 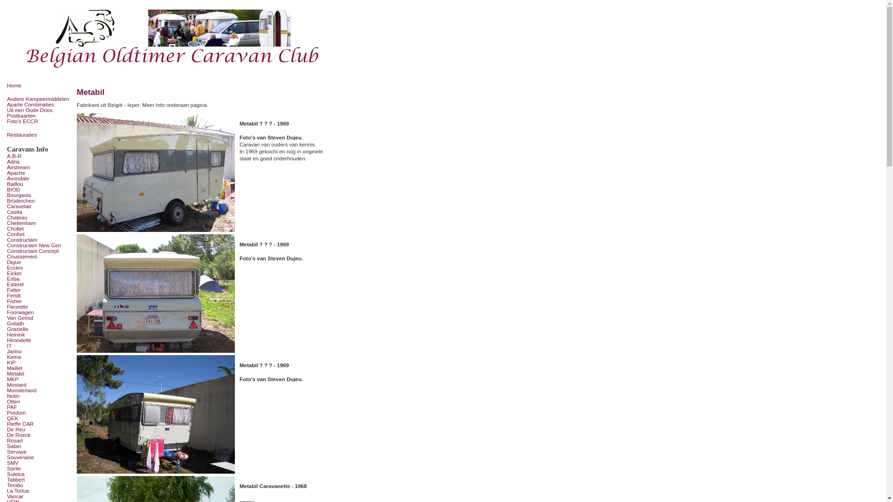 I want to click on 'Mostard', so click(x=39, y=385).